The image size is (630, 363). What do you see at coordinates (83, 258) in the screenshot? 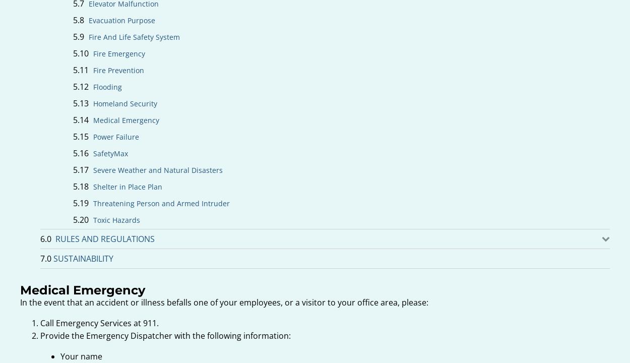
I see `'SUSTAINABILITY'` at bounding box center [83, 258].